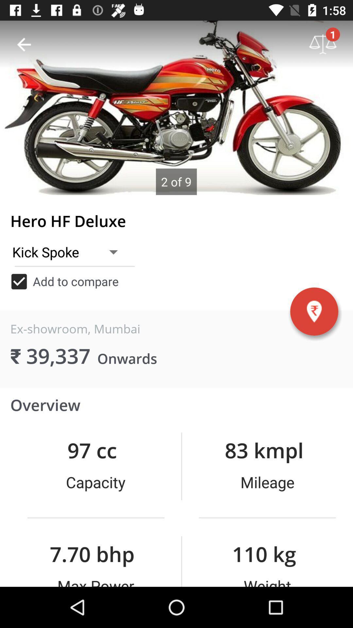 Image resolution: width=353 pixels, height=628 pixels. What do you see at coordinates (176, 108) in the screenshot?
I see `item above hero hf deluxe icon` at bounding box center [176, 108].